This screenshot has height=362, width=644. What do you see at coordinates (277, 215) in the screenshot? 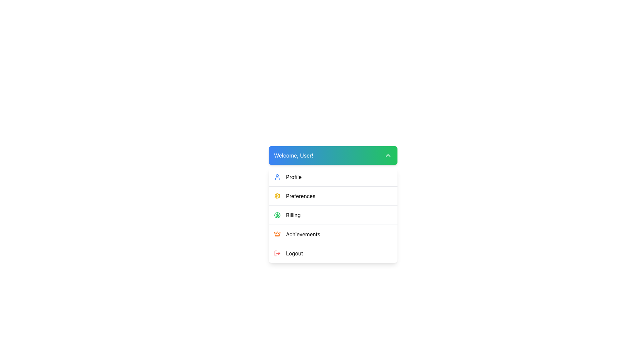
I see `the financial or billing-related icon located to the left of the 'Billing' text in the menu` at bounding box center [277, 215].